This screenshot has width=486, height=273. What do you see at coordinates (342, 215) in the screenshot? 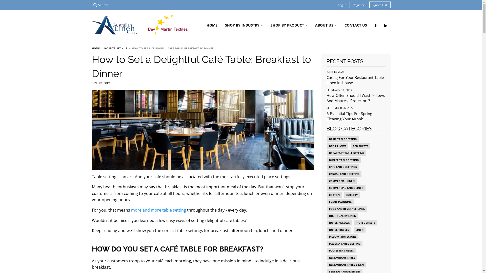
I see `'HIGH-QUALITY LINEN'` at bounding box center [342, 215].